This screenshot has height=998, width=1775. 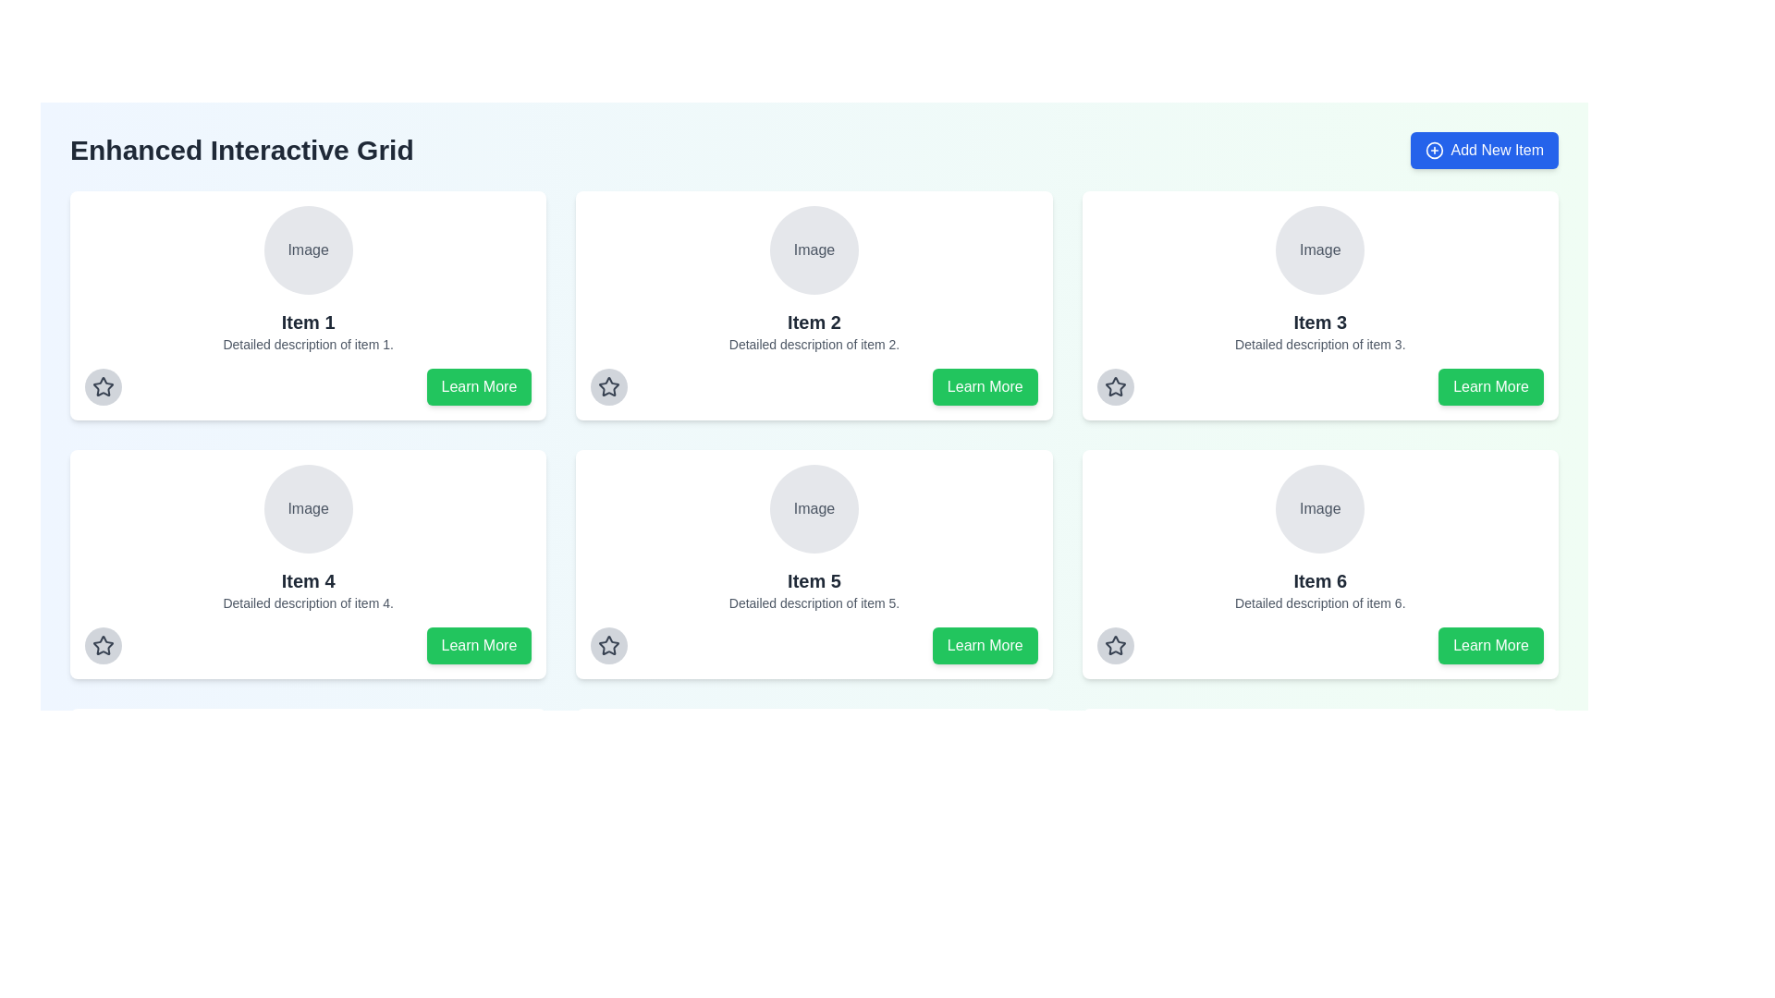 What do you see at coordinates (1319, 579) in the screenshot?
I see `the bold static text located at the bottom center of the lower-right card in a grid of six cards, which serves as the title or identifier for the card` at bounding box center [1319, 579].